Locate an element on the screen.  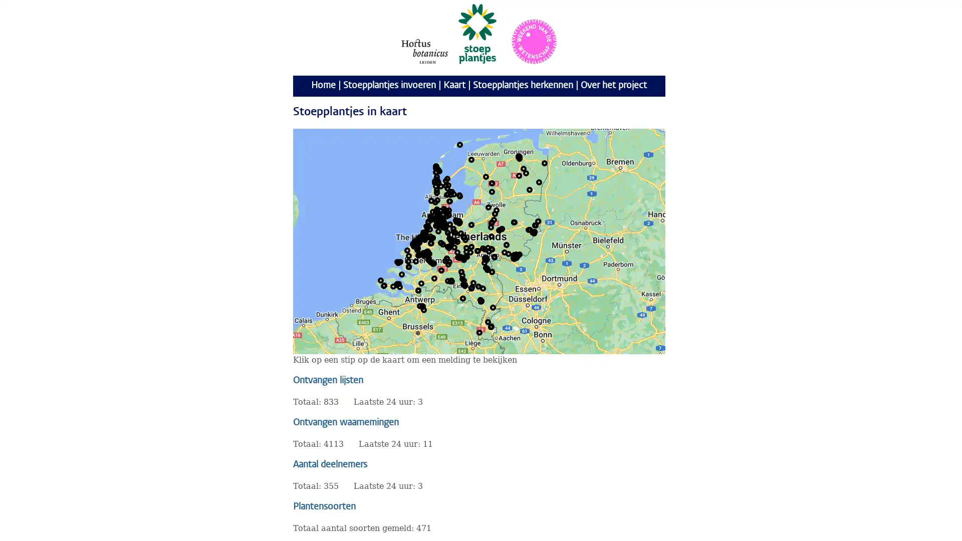
Telling van Be op 05 oktober 2021 is located at coordinates (433, 237).